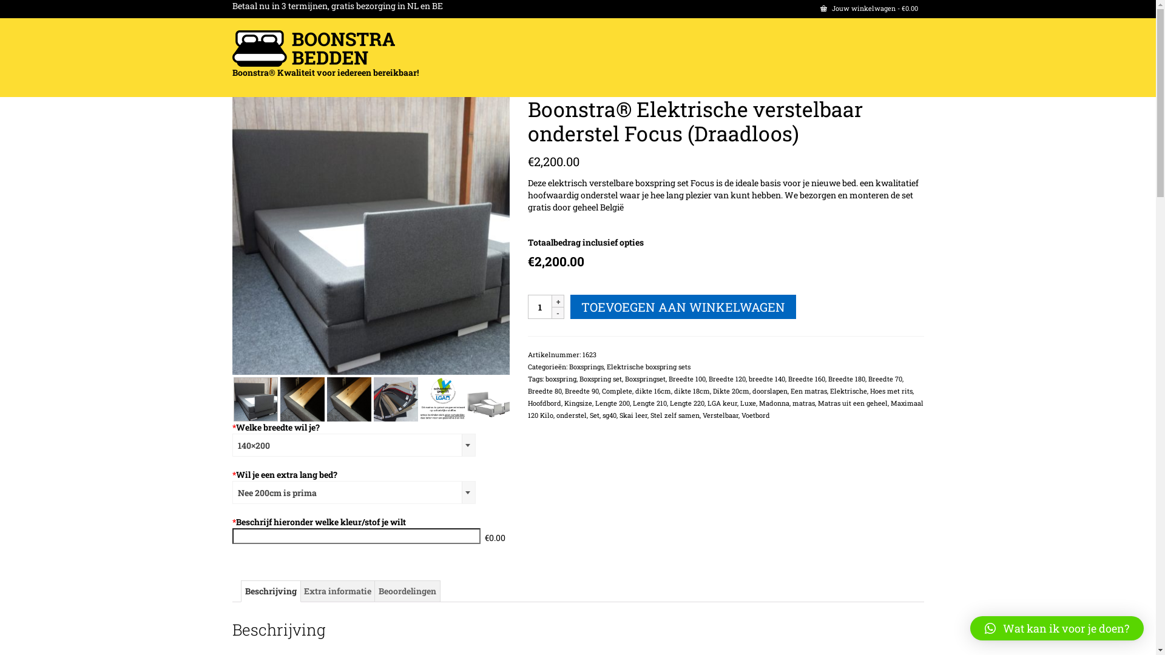 The image size is (1165, 655). What do you see at coordinates (555, 414) in the screenshot?
I see `'onderstel'` at bounding box center [555, 414].